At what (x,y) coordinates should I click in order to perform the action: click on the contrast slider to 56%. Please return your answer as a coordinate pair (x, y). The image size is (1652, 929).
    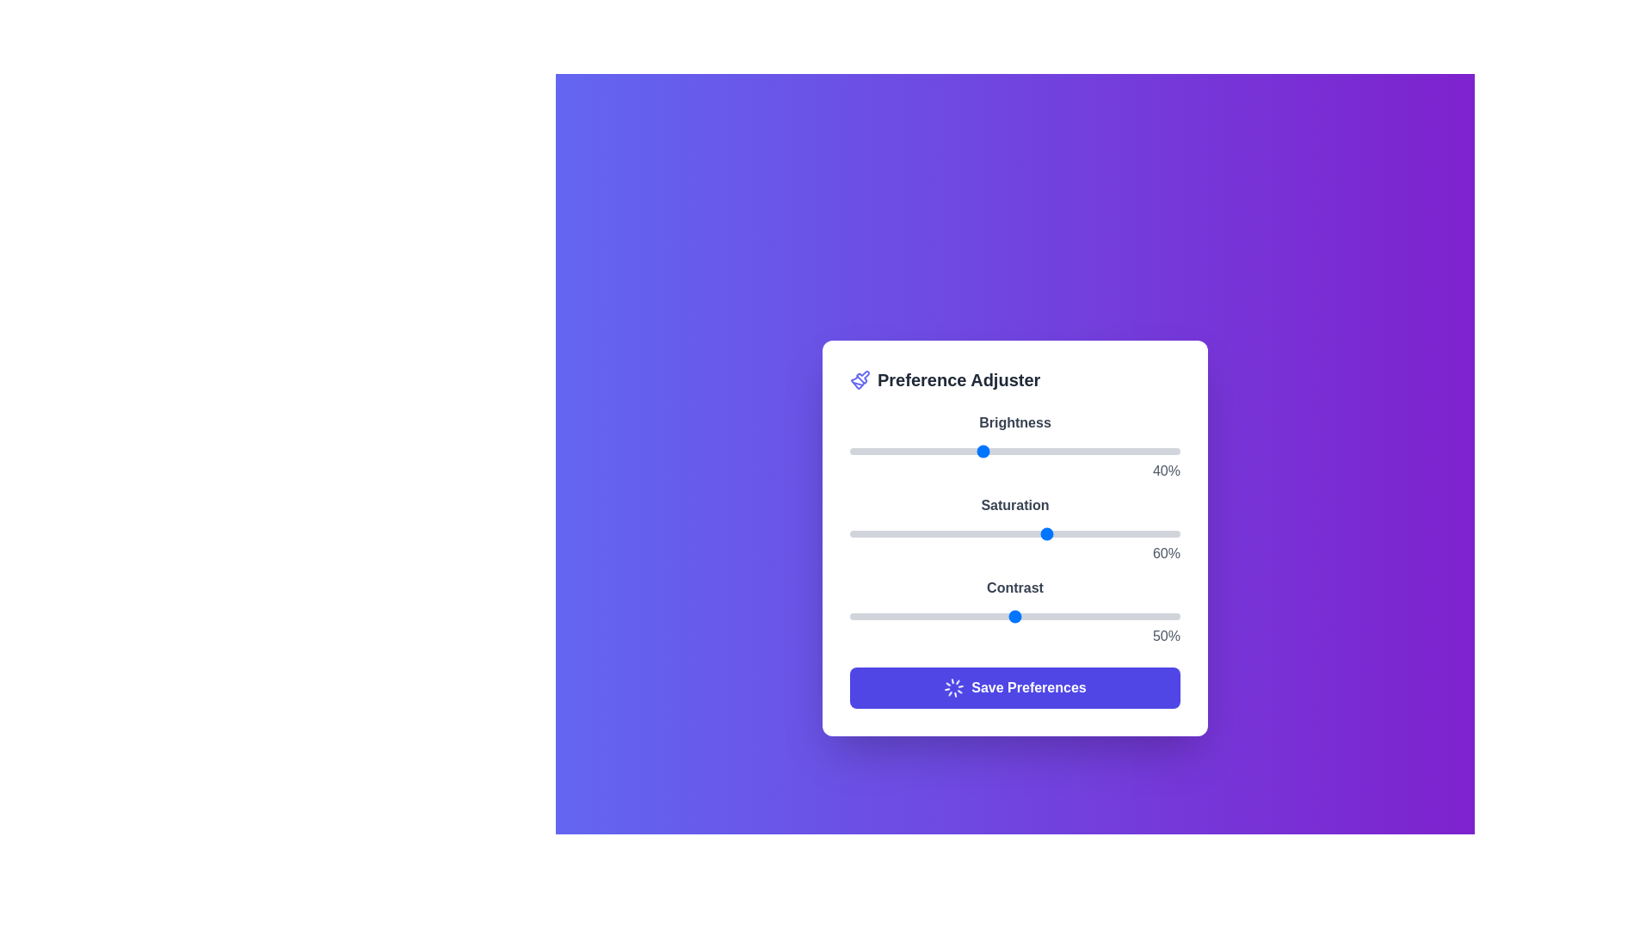
    Looking at the image, I should click on (1034, 616).